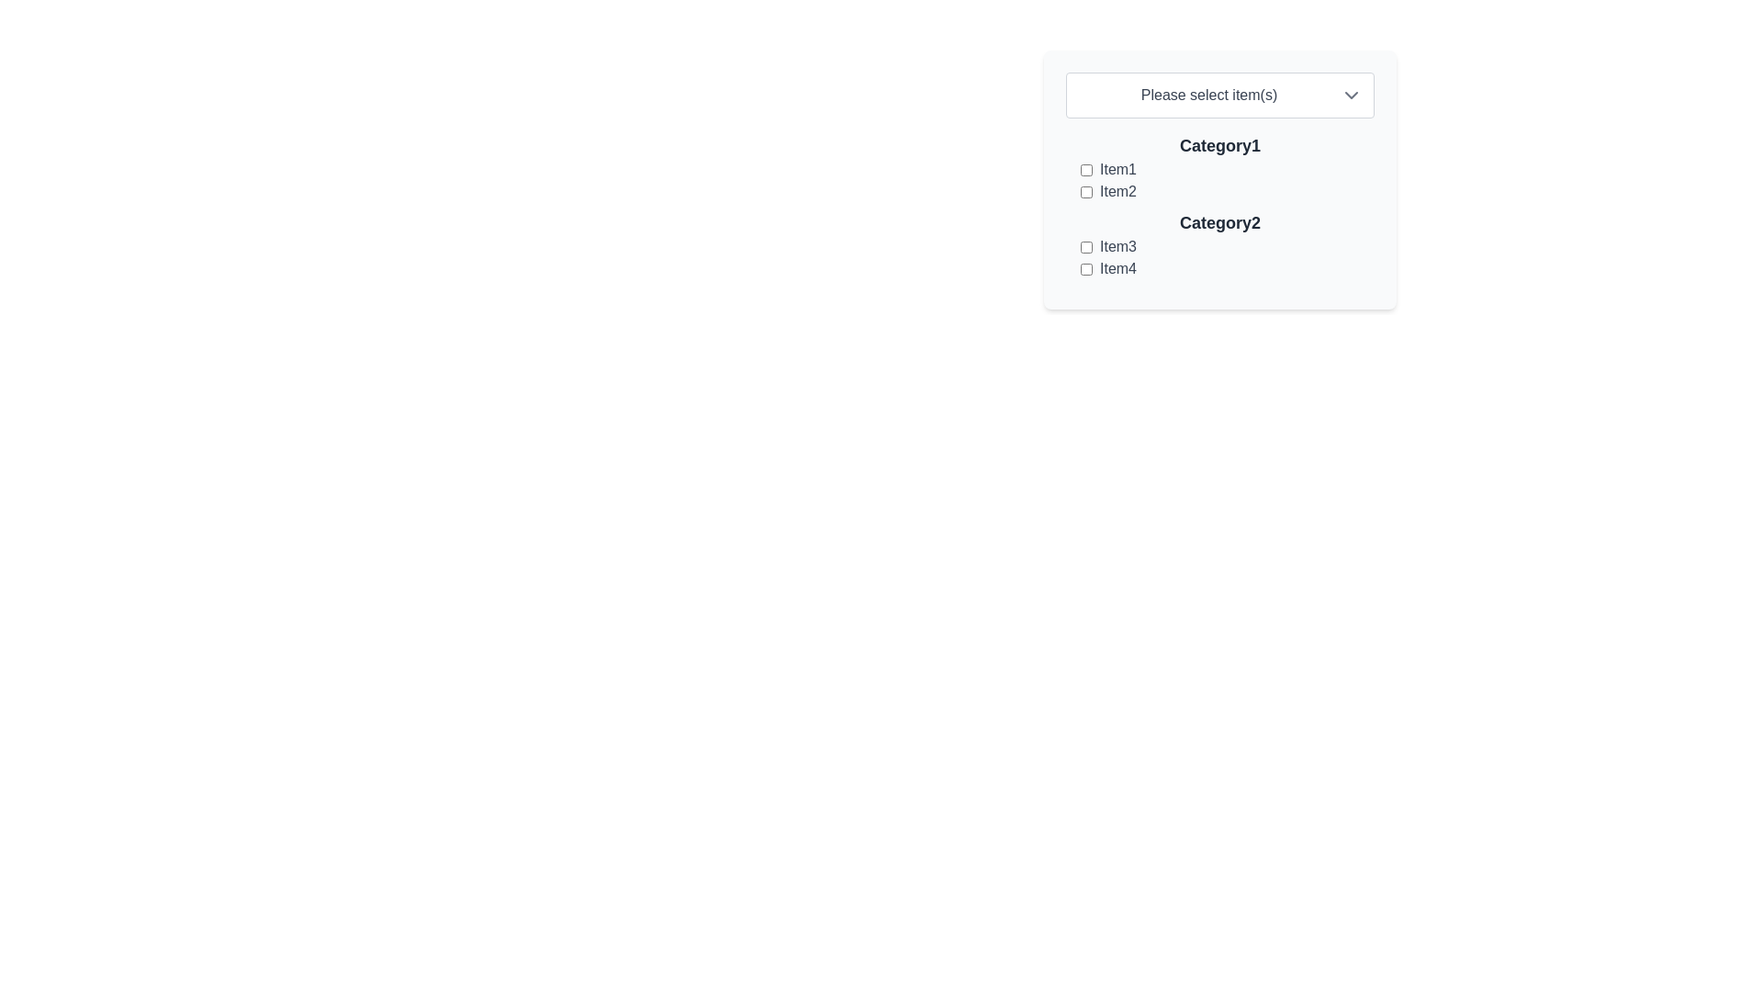 The image size is (1763, 992). What do you see at coordinates (1117, 191) in the screenshot?
I see `text content of the label 'Item2' located in the second row of the selectable list in 'Category1', next to the checkbox` at bounding box center [1117, 191].